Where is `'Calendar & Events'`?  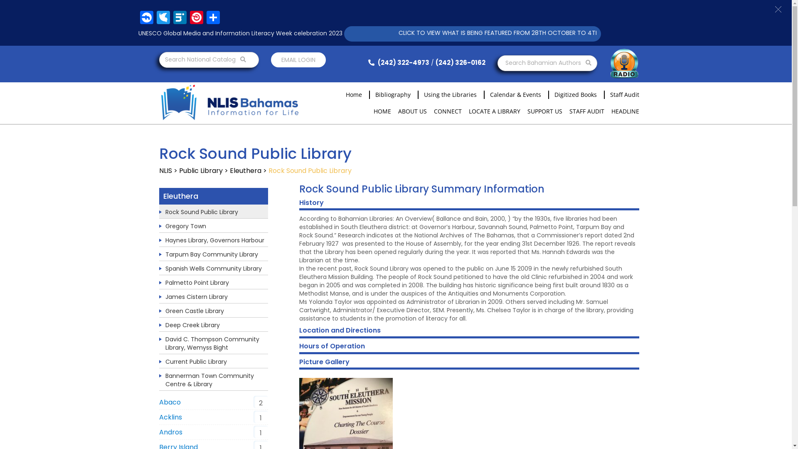 'Calendar & Events' is located at coordinates (512, 94).